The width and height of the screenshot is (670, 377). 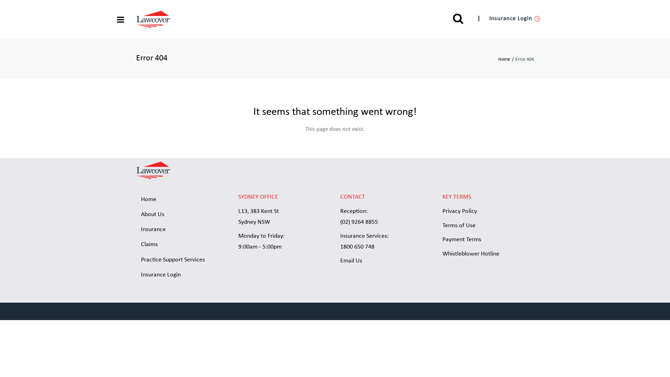 What do you see at coordinates (507, 59) in the screenshot?
I see `'Home'` at bounding box center [507, 59].